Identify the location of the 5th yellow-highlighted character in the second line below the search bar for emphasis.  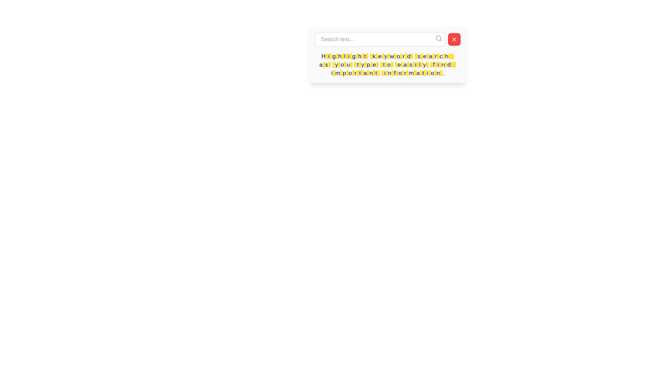
(345, 65).